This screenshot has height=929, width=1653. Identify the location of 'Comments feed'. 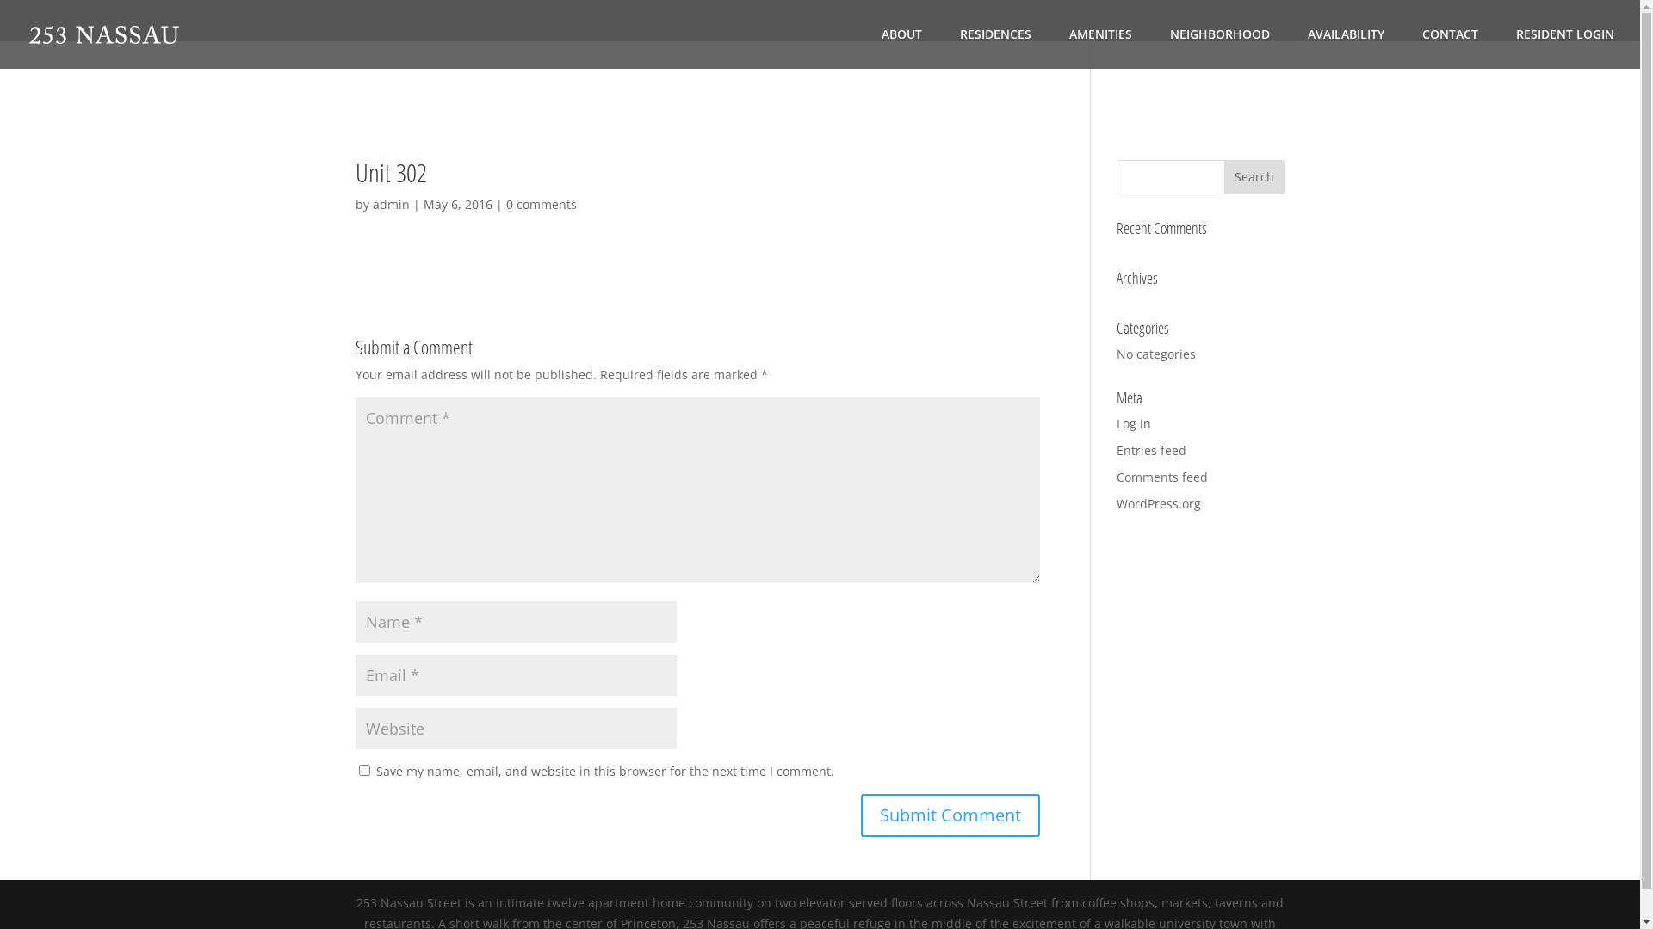
(1161, 477).